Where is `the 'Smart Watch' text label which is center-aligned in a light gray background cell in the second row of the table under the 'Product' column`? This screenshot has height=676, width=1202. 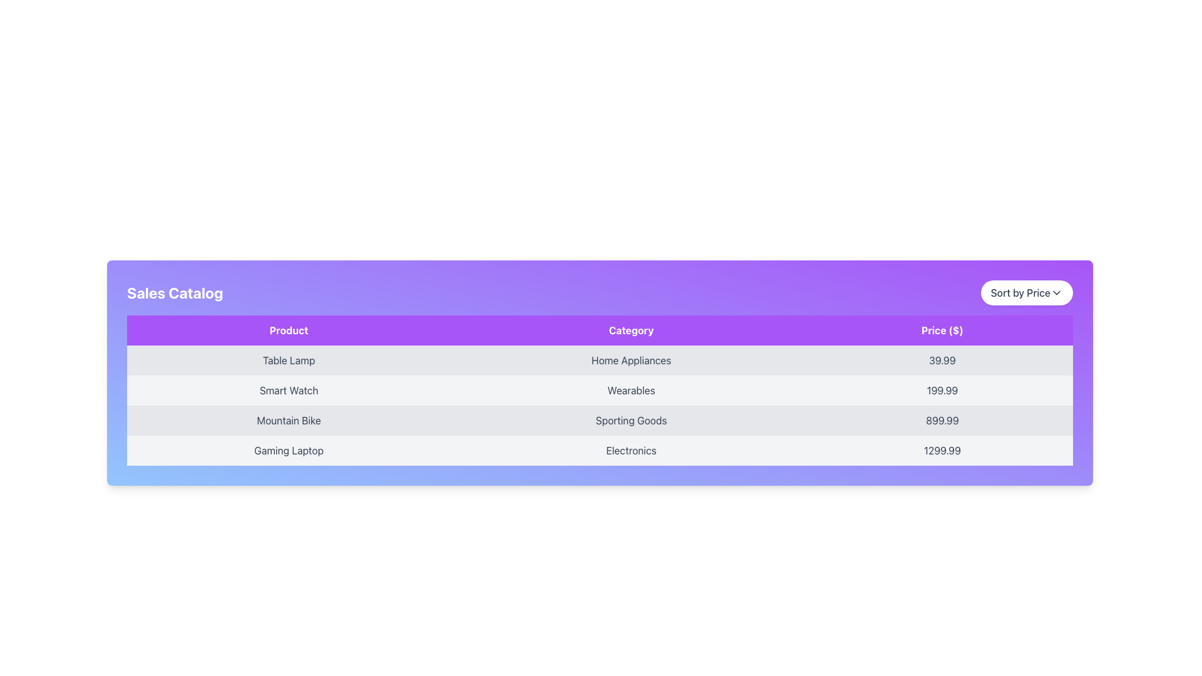
the 'Smart Watch' text label which is center-aligned in a light gray background cell in the second row of the table under the 'Product' column is located at coordinates (288, 390).